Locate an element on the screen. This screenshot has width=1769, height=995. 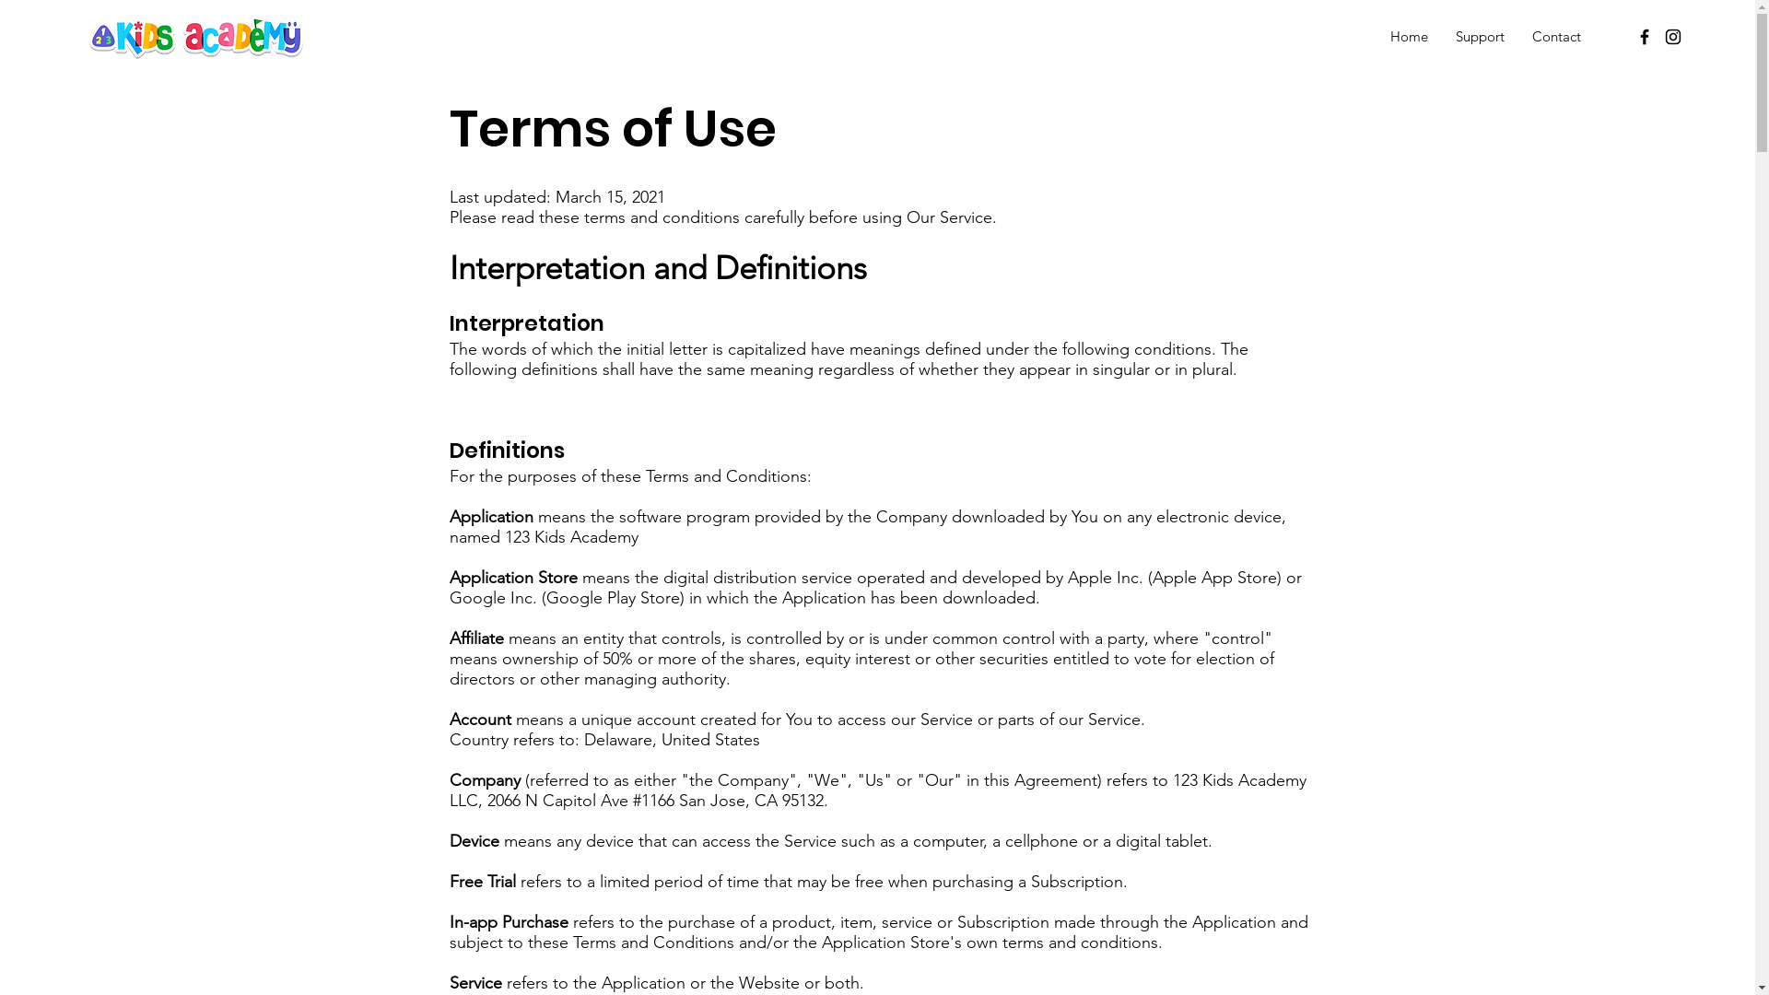
'Home' is located at coordinates (1408, 36).